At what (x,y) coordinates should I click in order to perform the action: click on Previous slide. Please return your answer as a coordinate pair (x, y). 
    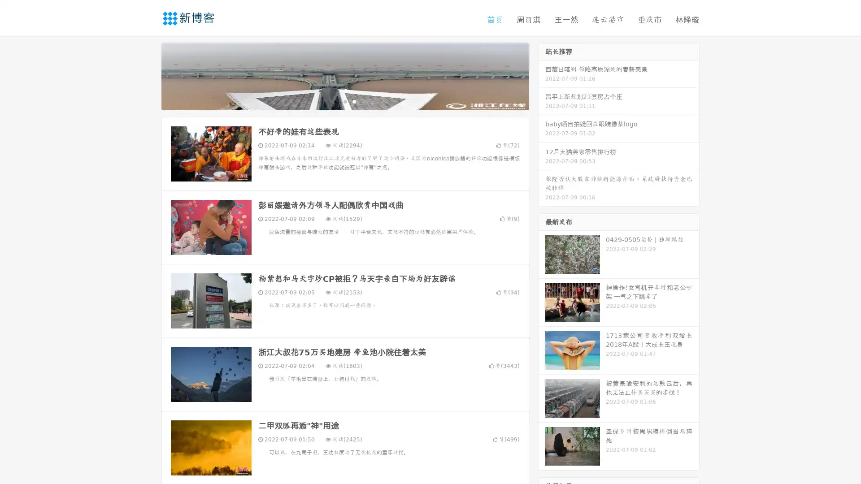
    Looking at the image, I should click on (148, 75).